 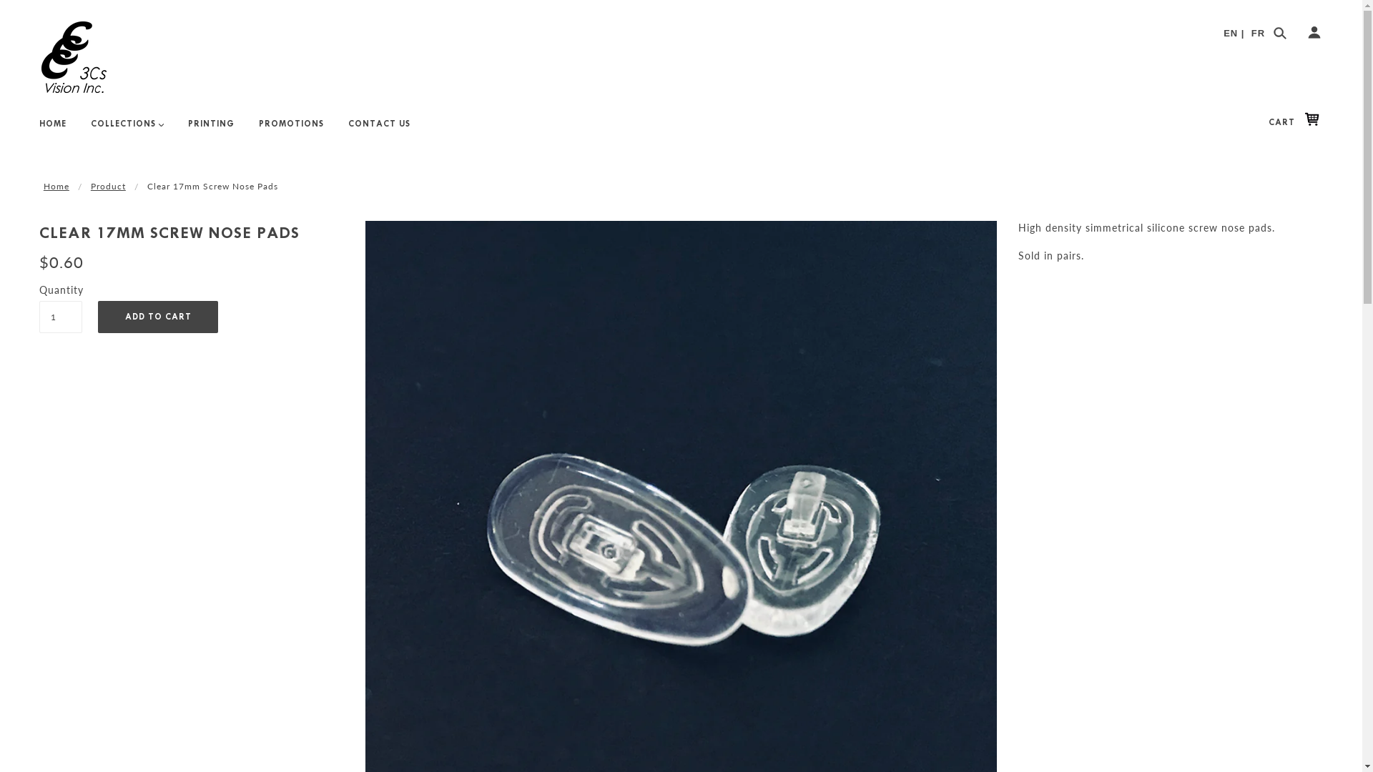 What do you see at coordinates (52, 129) in the screenshot?
I see `'HOME'` at bounding box center [52, 129].